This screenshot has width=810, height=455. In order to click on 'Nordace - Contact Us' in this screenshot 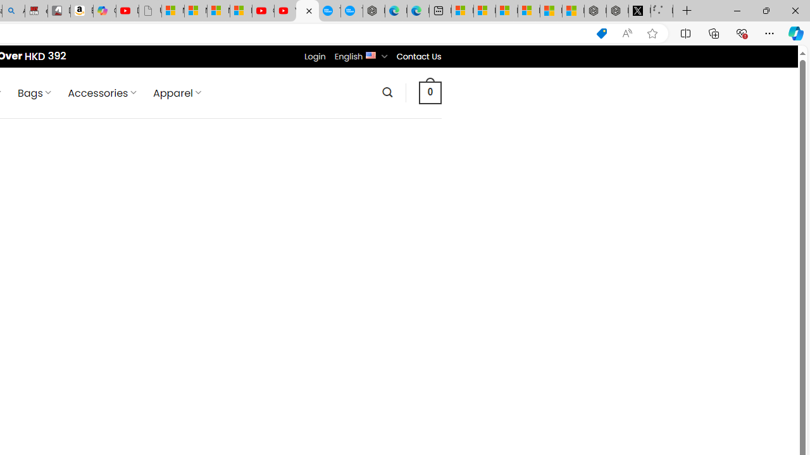, I will do `click(307, 11)`.